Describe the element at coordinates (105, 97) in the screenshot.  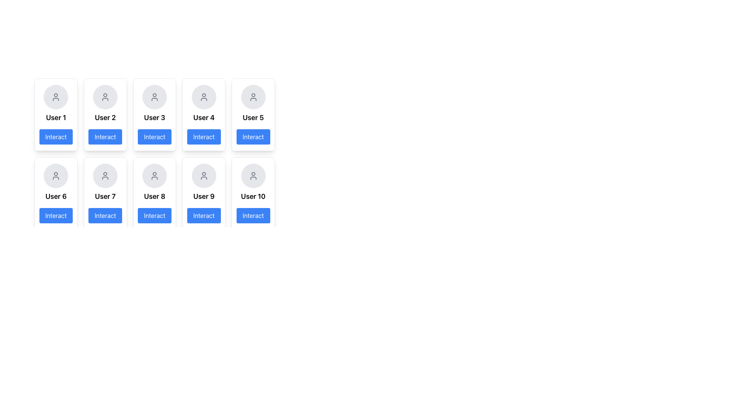
I see `the circular user icon with a light gray background and a black minimalistic user silhouette located at the top center of the 'User 2' card, which is the second card in the grid layout` at that location.